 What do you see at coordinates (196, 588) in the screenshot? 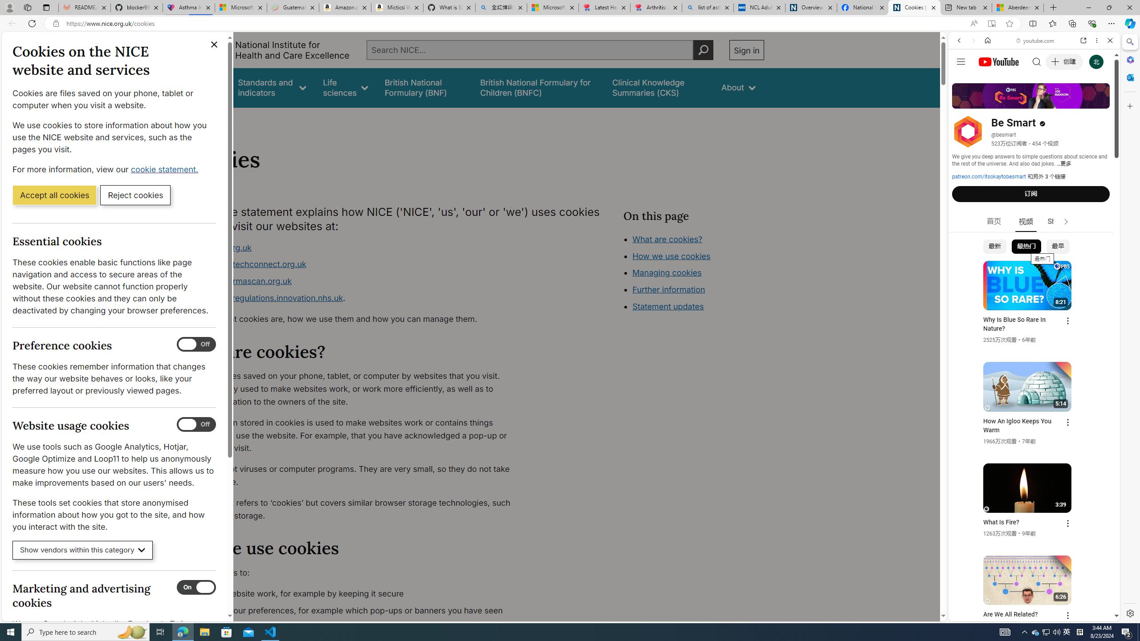
I see `'Marketing and advertising cookies'` at bounding box center [196, 588].